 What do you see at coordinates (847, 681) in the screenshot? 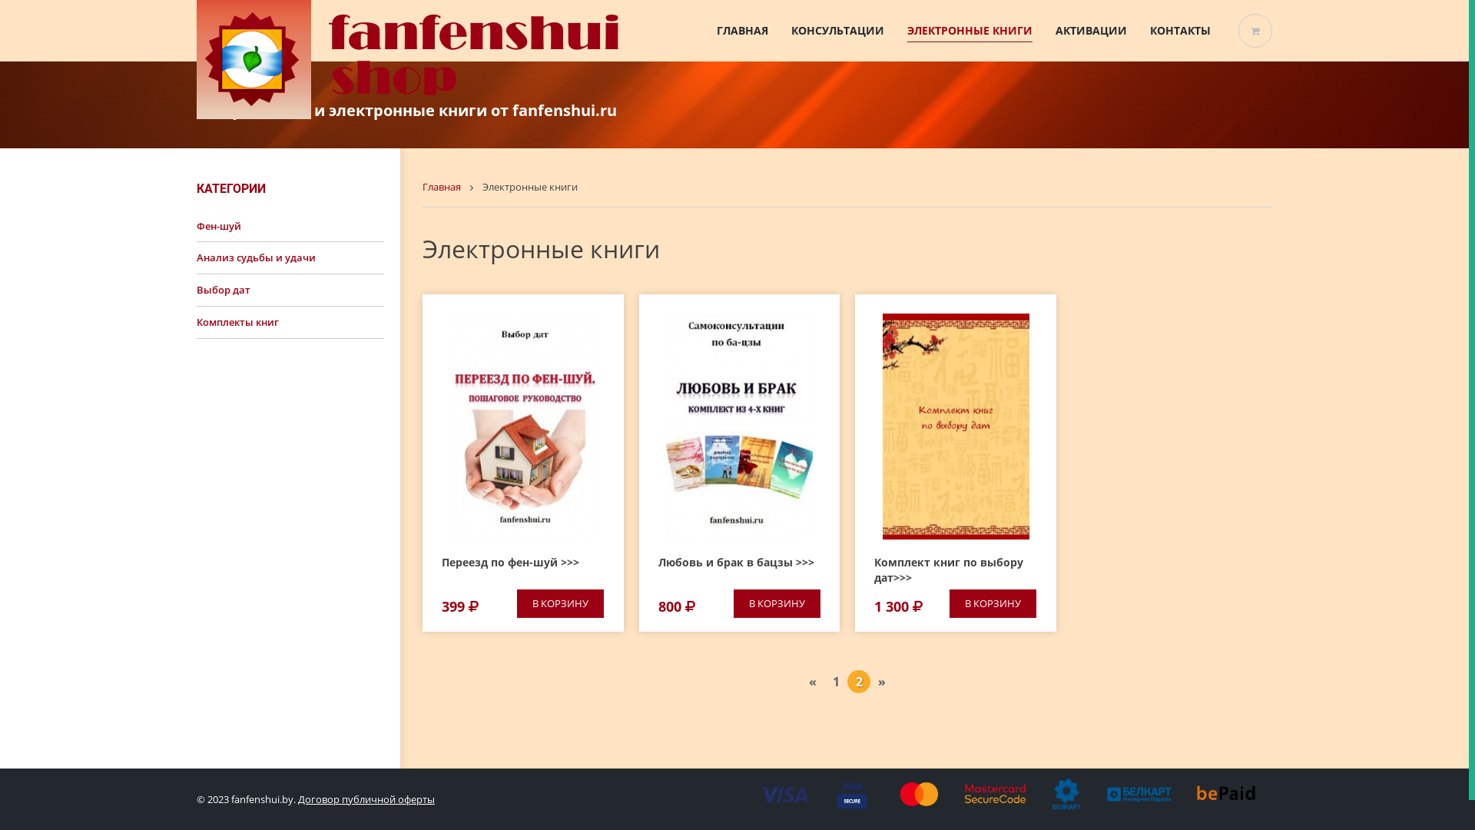
I see `'2'` at bounding box center [847, 681].